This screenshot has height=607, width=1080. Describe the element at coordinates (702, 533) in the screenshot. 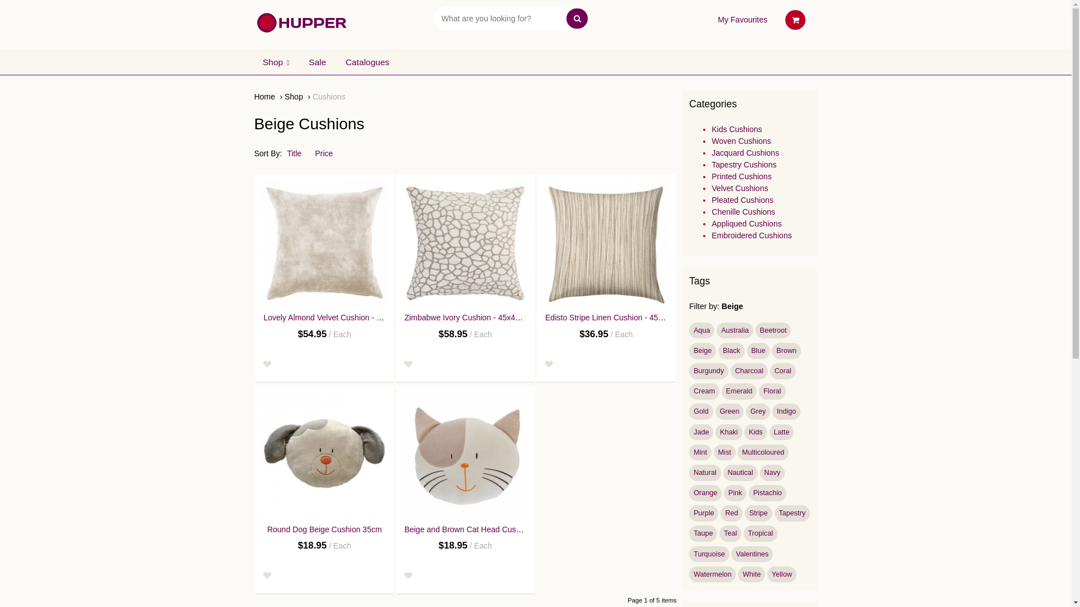

I see `'Taupe'` at that location.